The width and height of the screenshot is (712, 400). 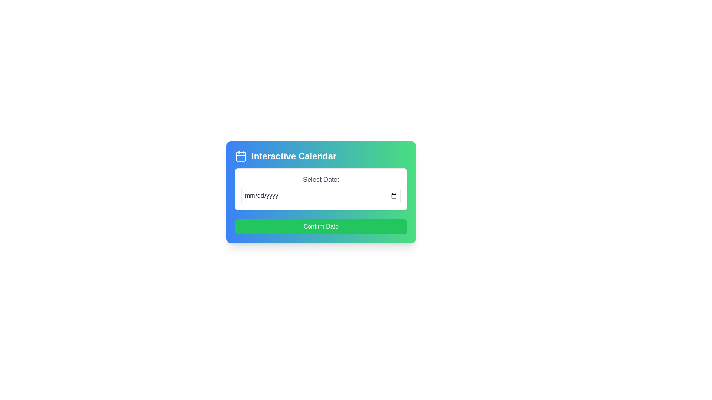 What do you see at coordinates (293, 156) in the screenshot?
I see `the bold white text label saying 'Interactive Calendar' that is prominently displayed at the top center of the card interface, positioned to the right of a calendar icon` at bounding box center [293, 156].